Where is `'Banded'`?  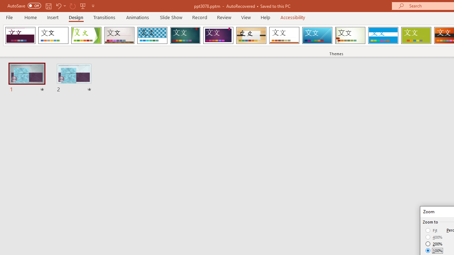
'Banded' is located at coordinates (383, 35).